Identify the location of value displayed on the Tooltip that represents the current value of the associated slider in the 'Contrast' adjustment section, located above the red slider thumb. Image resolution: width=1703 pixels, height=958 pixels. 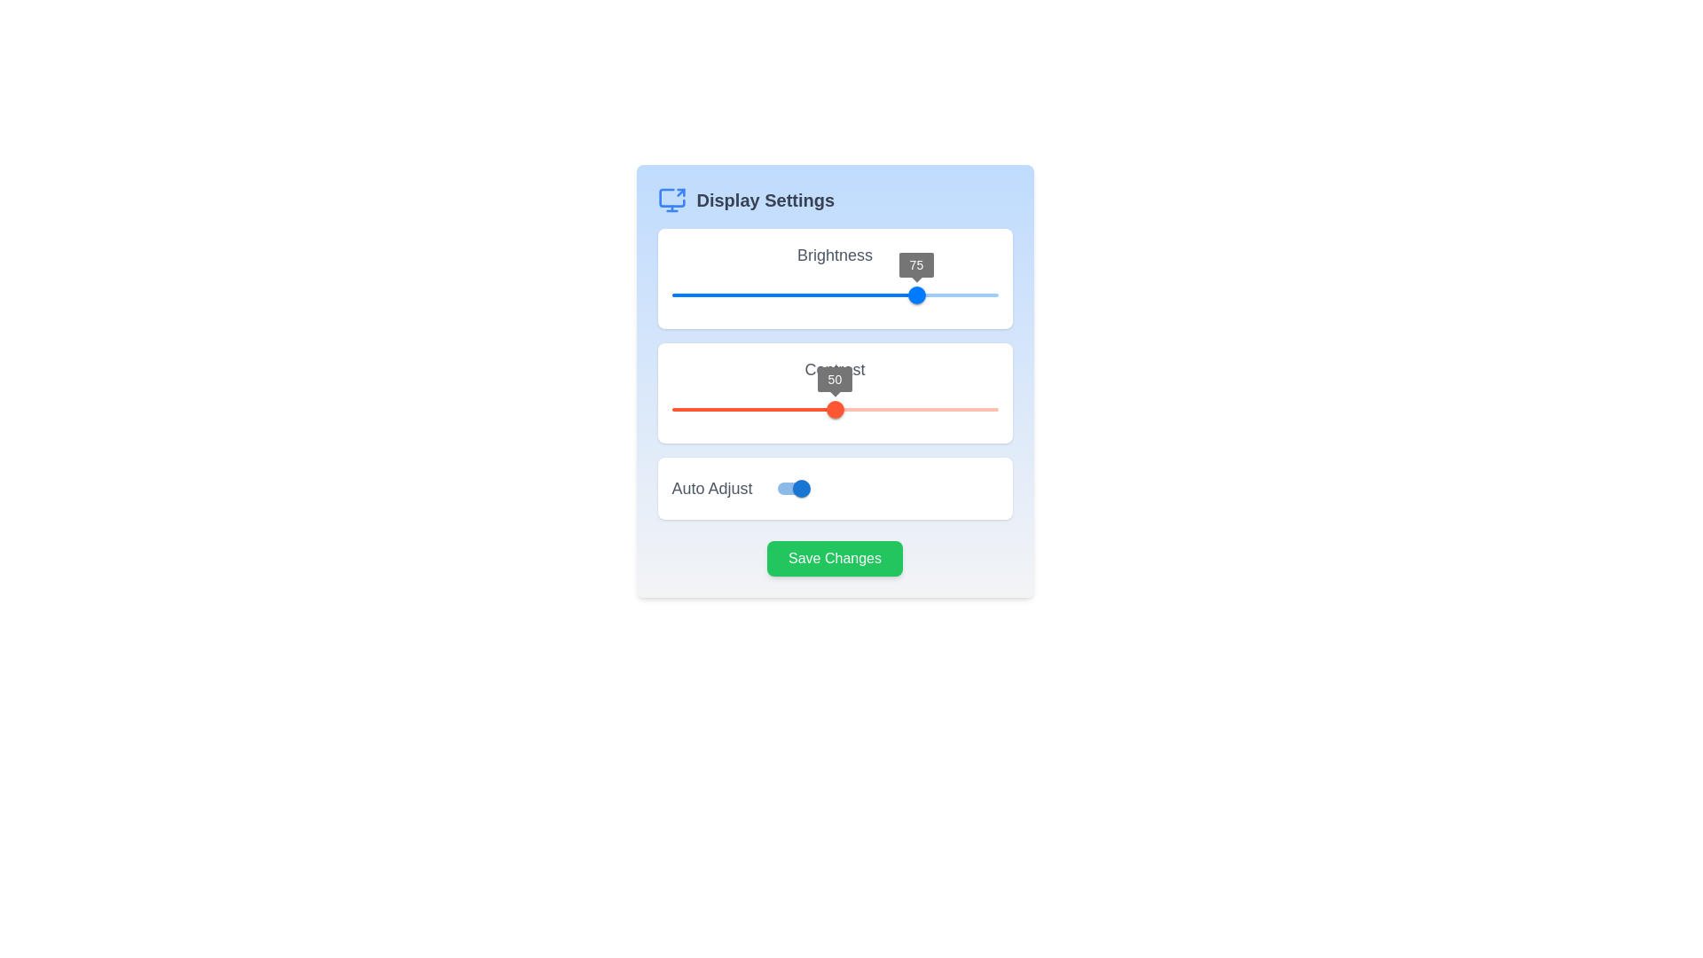
(834, 379).